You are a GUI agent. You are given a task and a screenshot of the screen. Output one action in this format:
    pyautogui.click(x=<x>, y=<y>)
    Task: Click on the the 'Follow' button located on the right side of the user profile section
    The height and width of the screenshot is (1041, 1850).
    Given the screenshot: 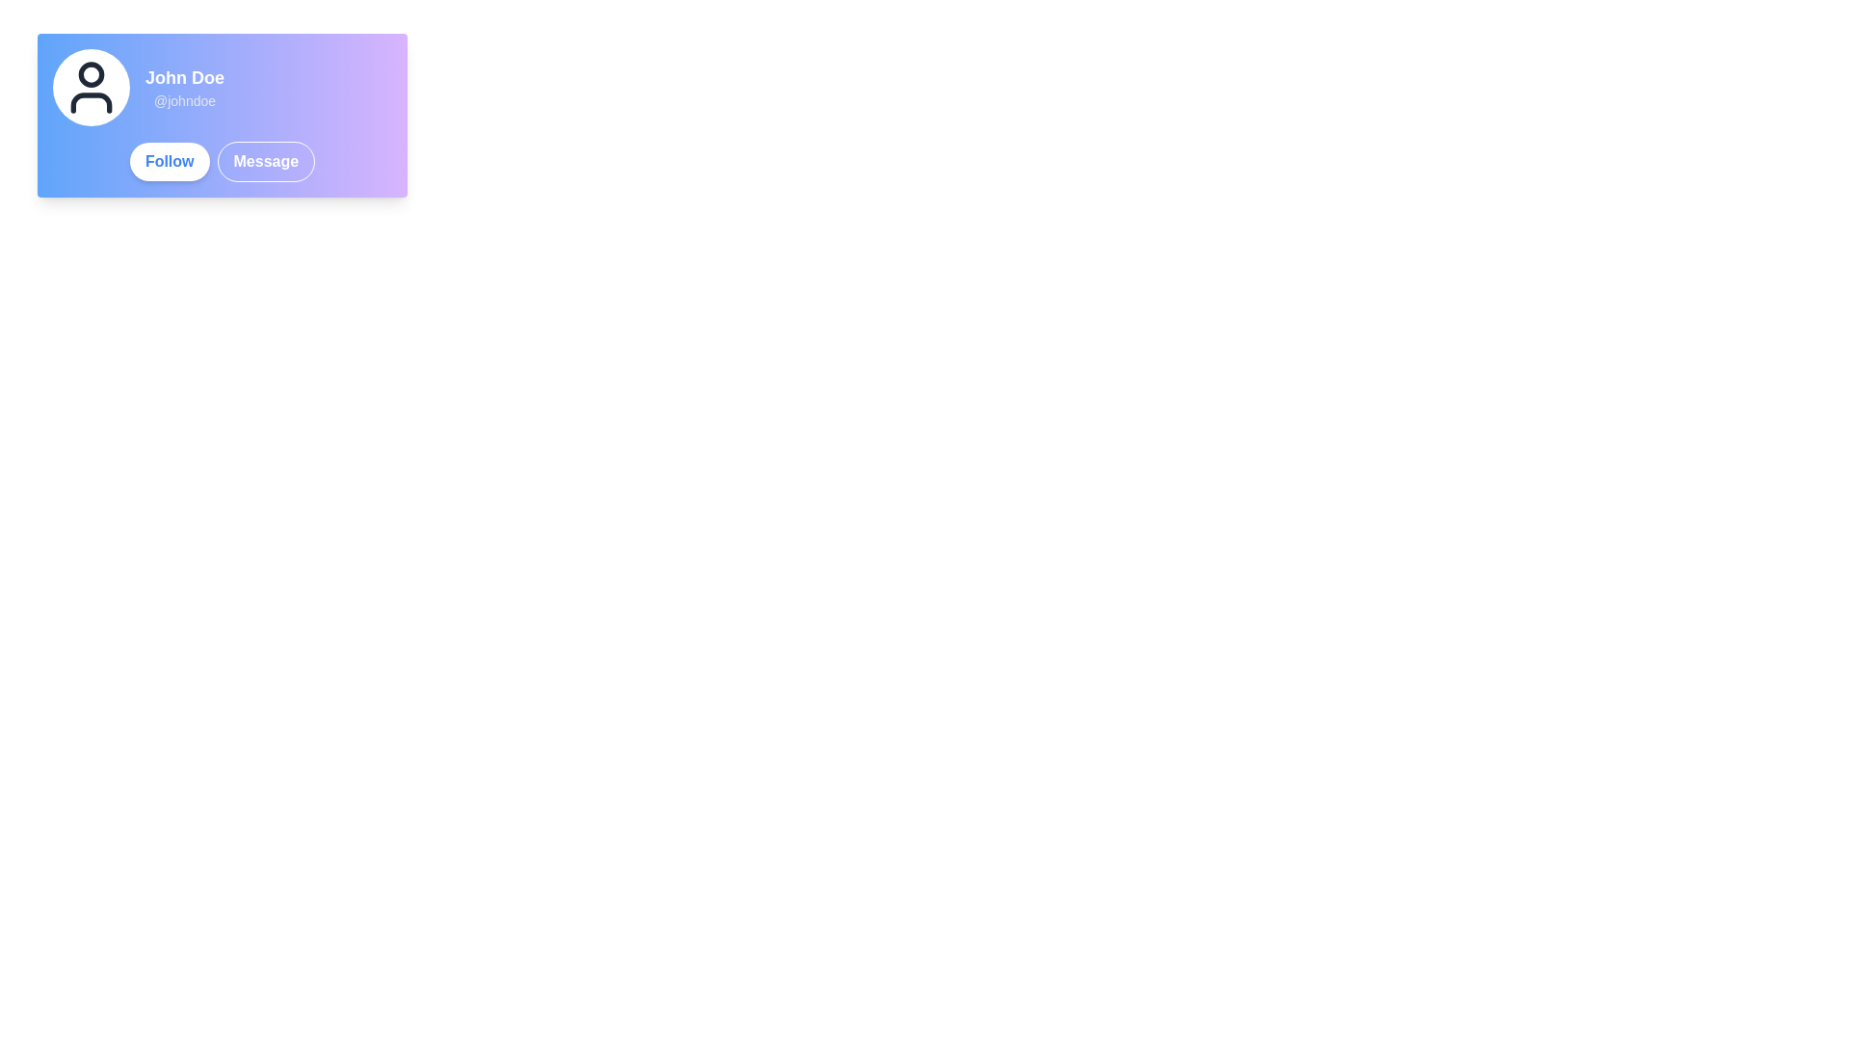 What is the action you would take?
    pyautogui.click(x=170, y=161)
    